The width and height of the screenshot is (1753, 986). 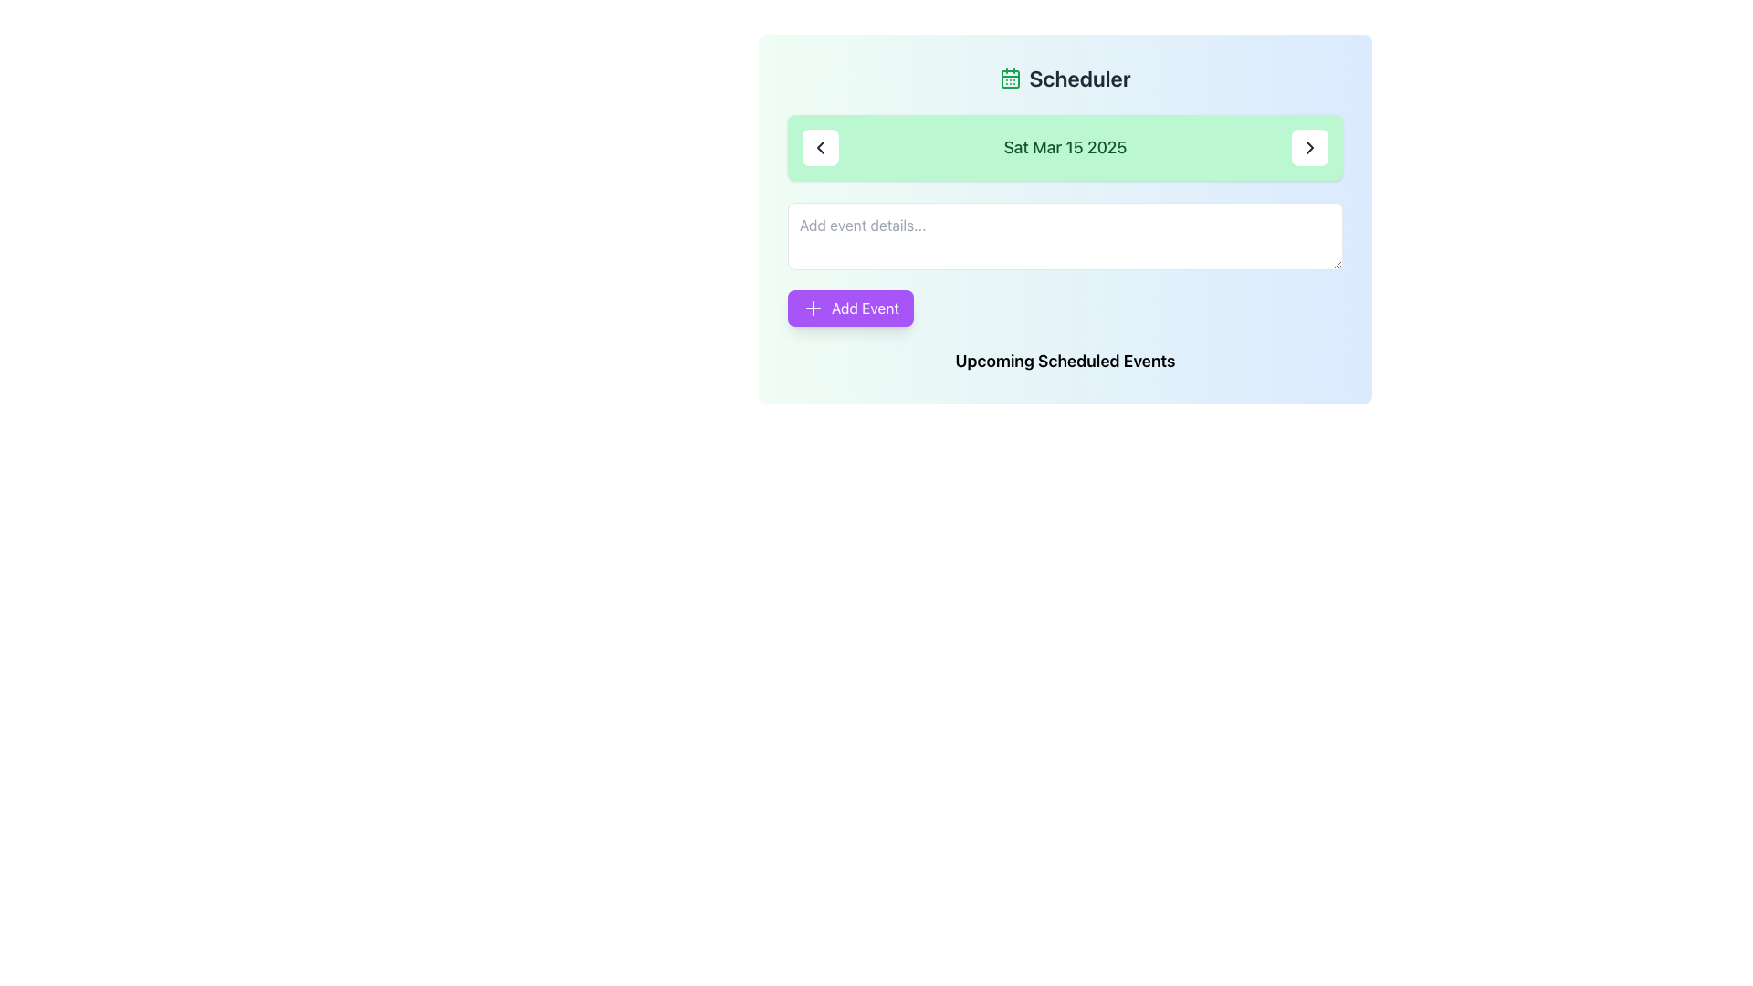 I want to click on the left-pointing chevron button located to the left of the highlighted date bar in the scheduler interface, so click(x=819, y=147).